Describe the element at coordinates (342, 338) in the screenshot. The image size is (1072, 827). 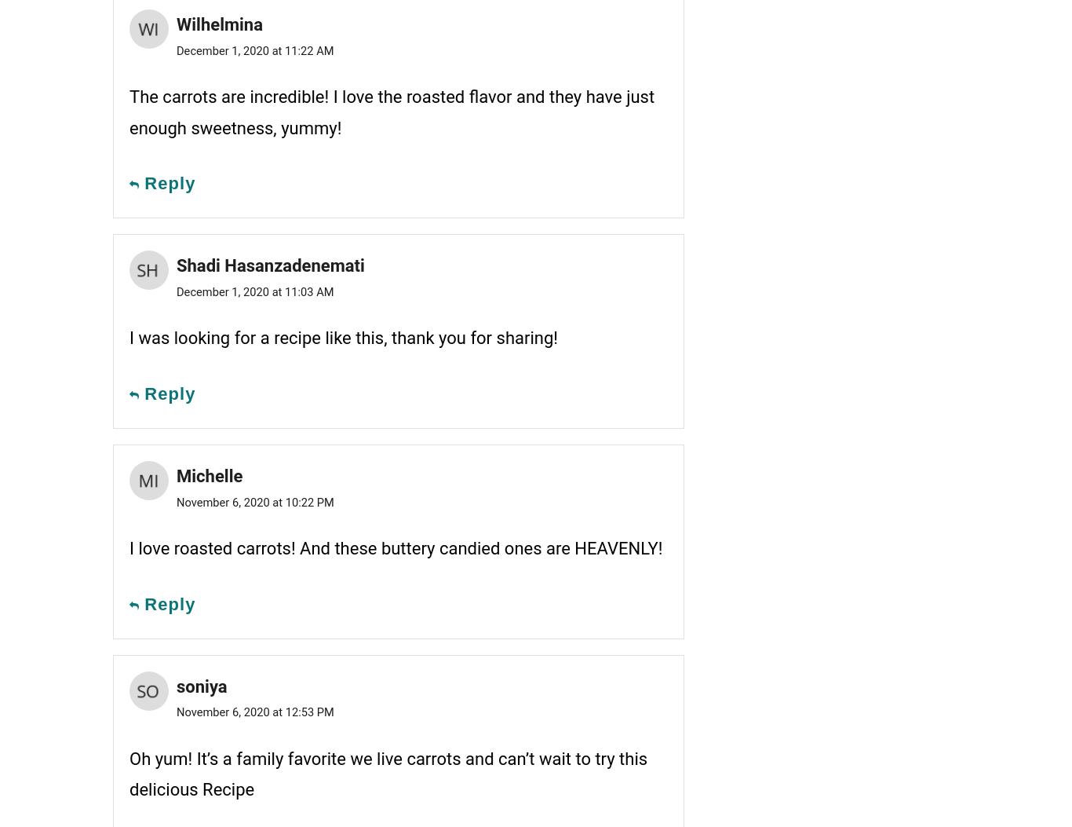
I see `'I was looking for a recipe like this, thank you for sharing!'` at that location.